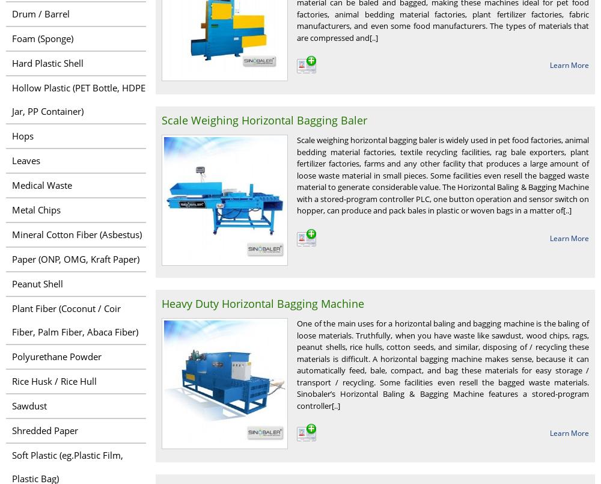  I want to click on 'Plant Fiber (Coconut / Coir Fiber, Palm Fiber, Abaca Fiber)', so click(75, 319).